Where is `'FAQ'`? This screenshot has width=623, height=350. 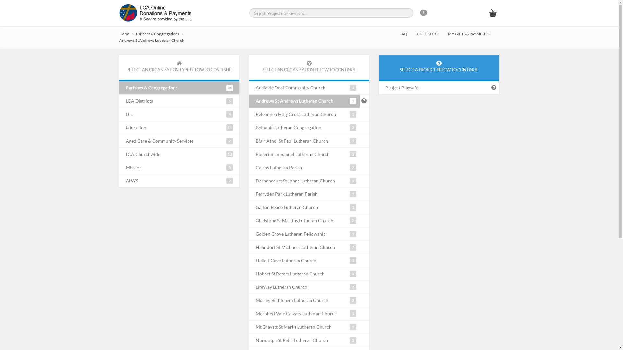 'FAQ' is located at coordinates (398, 34).